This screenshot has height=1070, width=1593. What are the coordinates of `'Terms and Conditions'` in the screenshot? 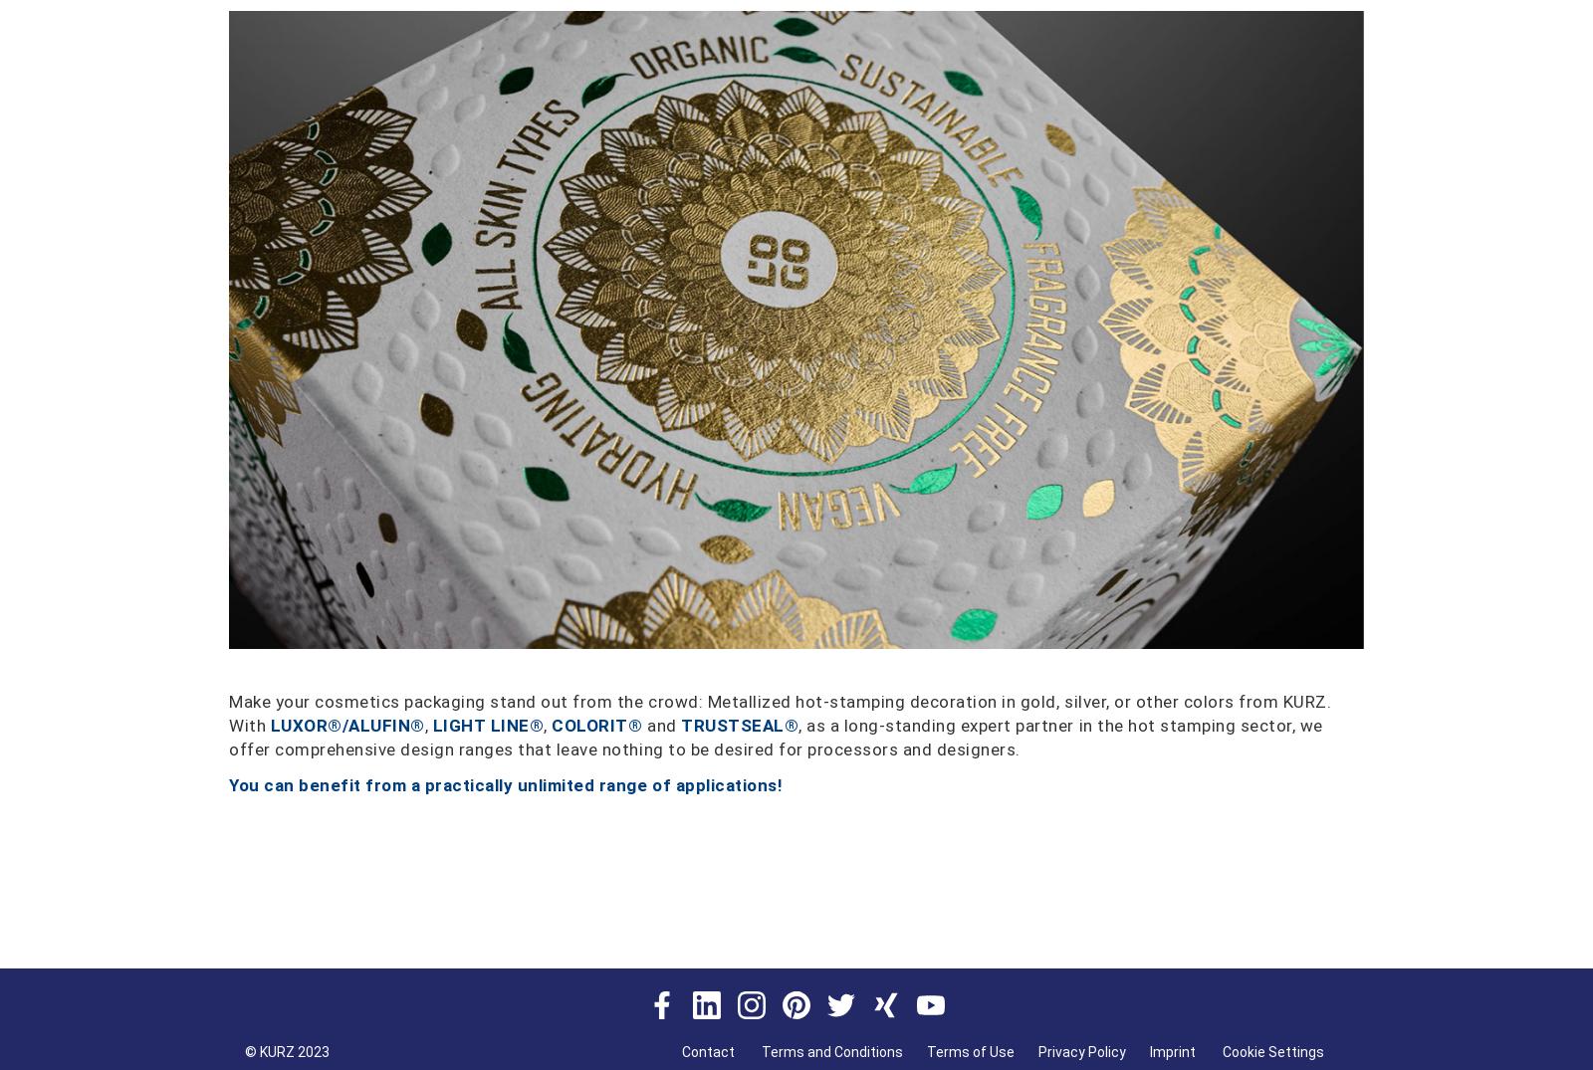 It's located at (831, 1052).